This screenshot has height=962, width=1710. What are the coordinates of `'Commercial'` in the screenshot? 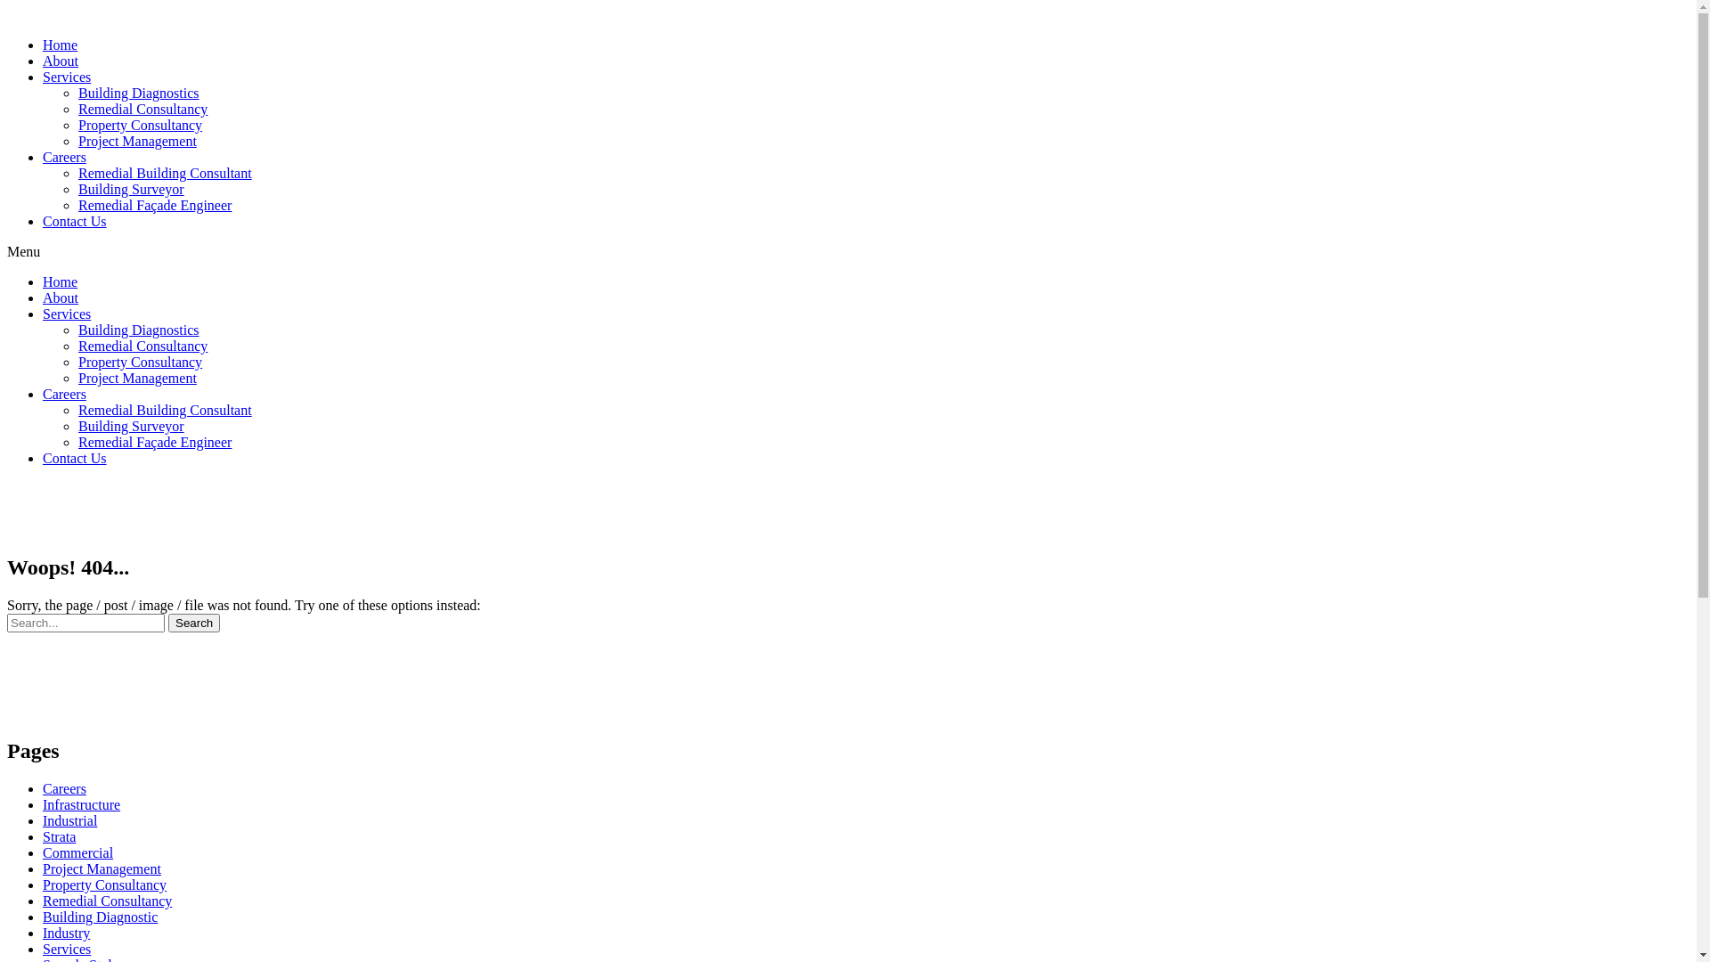 It's located at (77, 852).